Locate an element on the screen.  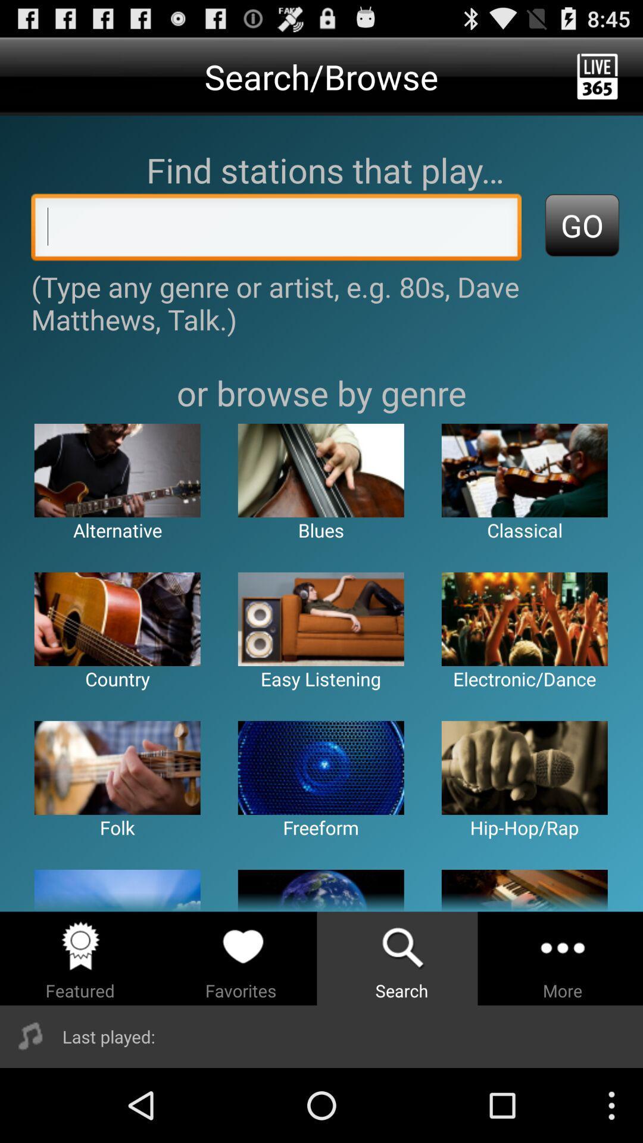
go is located at coordinates (582, 225).